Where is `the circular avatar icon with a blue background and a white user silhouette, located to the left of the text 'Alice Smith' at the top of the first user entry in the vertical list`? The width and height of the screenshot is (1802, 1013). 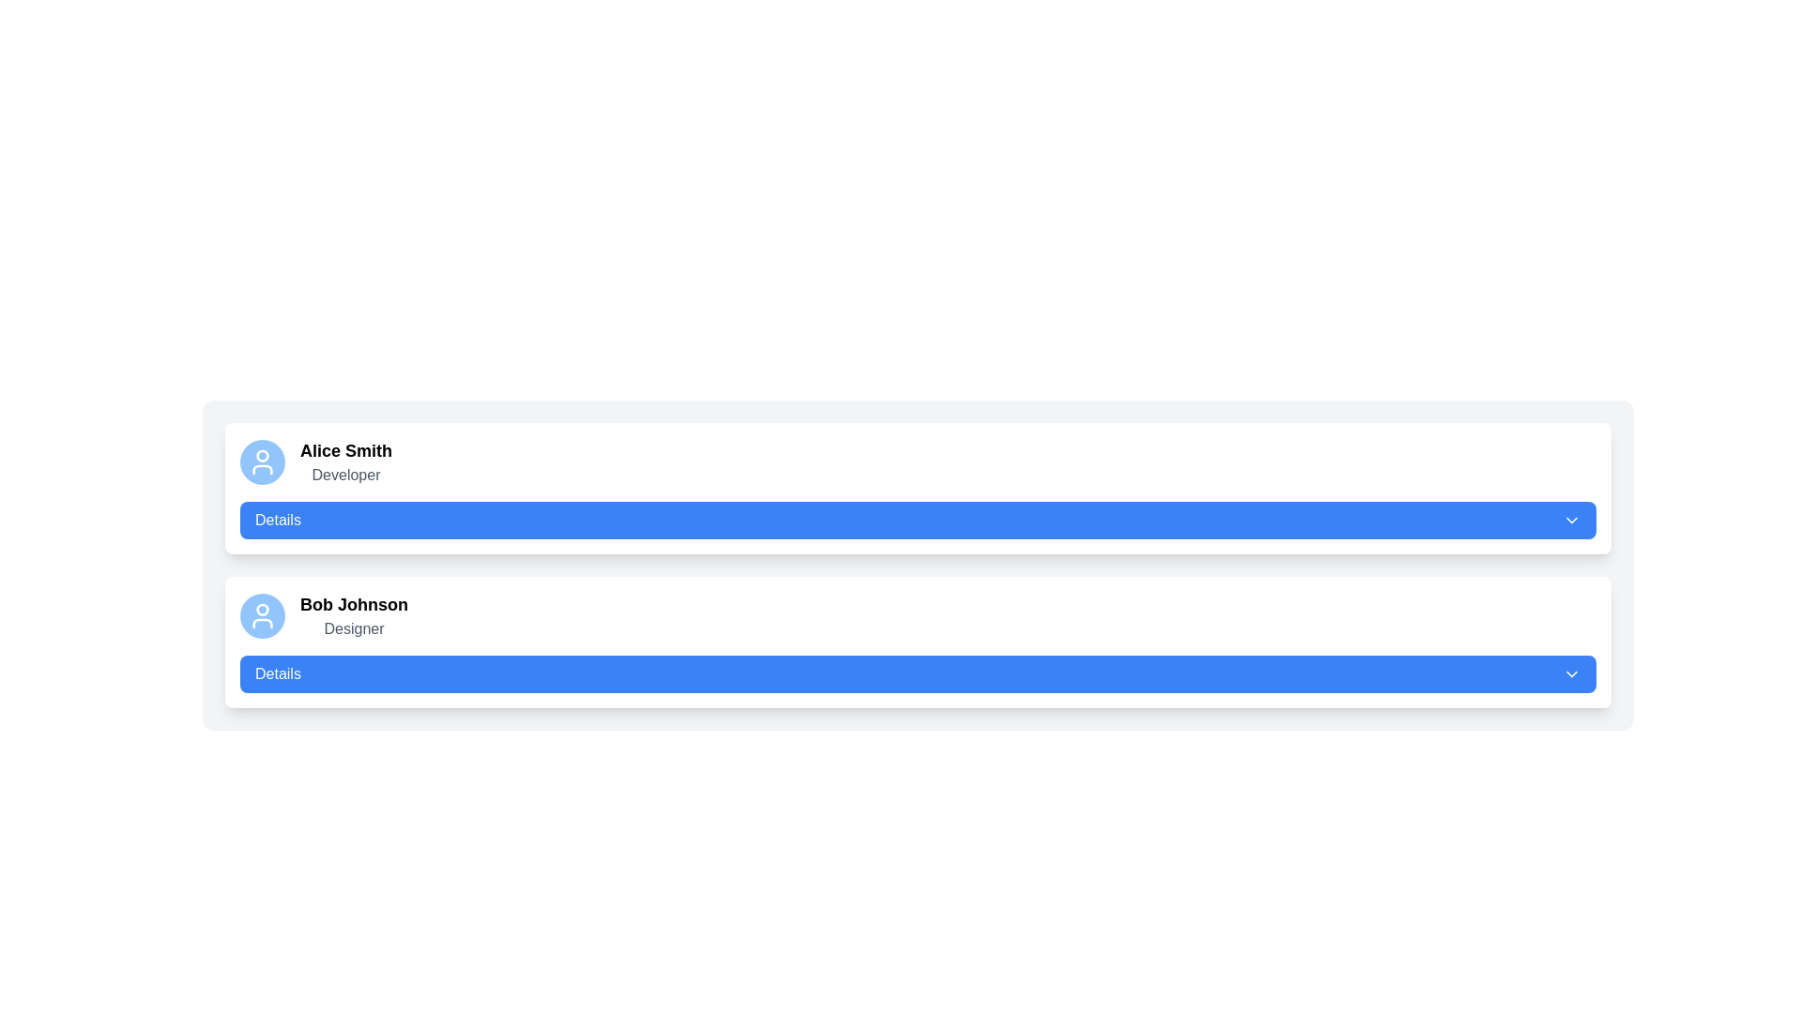 the circular avatar icon with a blue background and a white user silhouette, located to the left of the text 'Alice Smith' at the top of the first user entry in the vertical list is located at coordinates (261, 462).